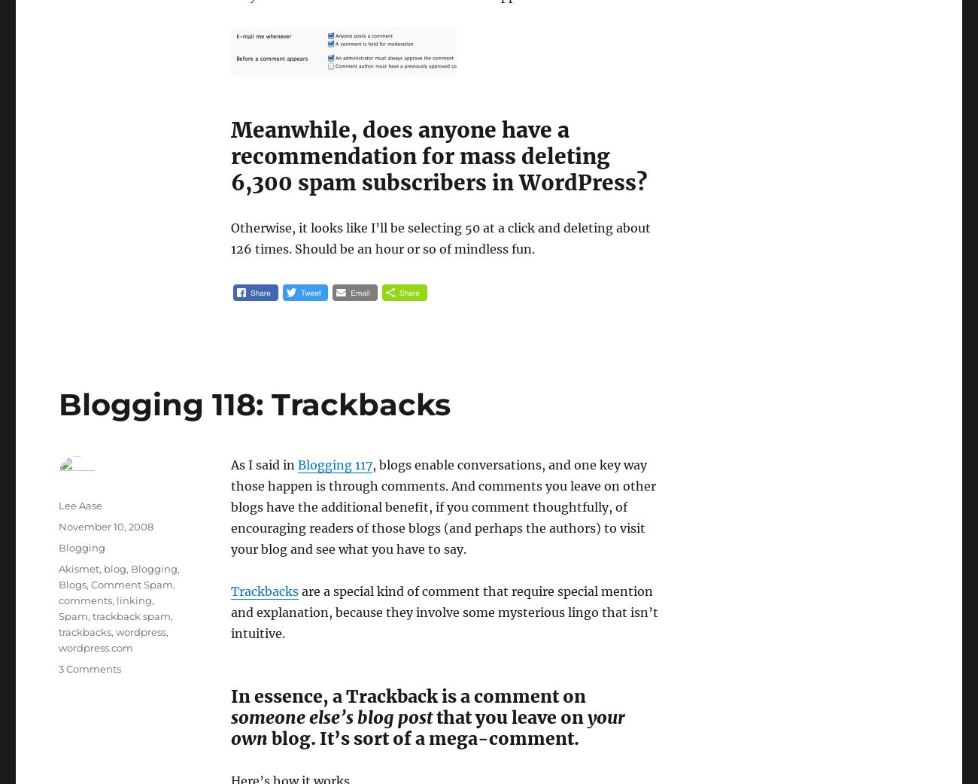  I want to click on 'your own', so click(426, 728).